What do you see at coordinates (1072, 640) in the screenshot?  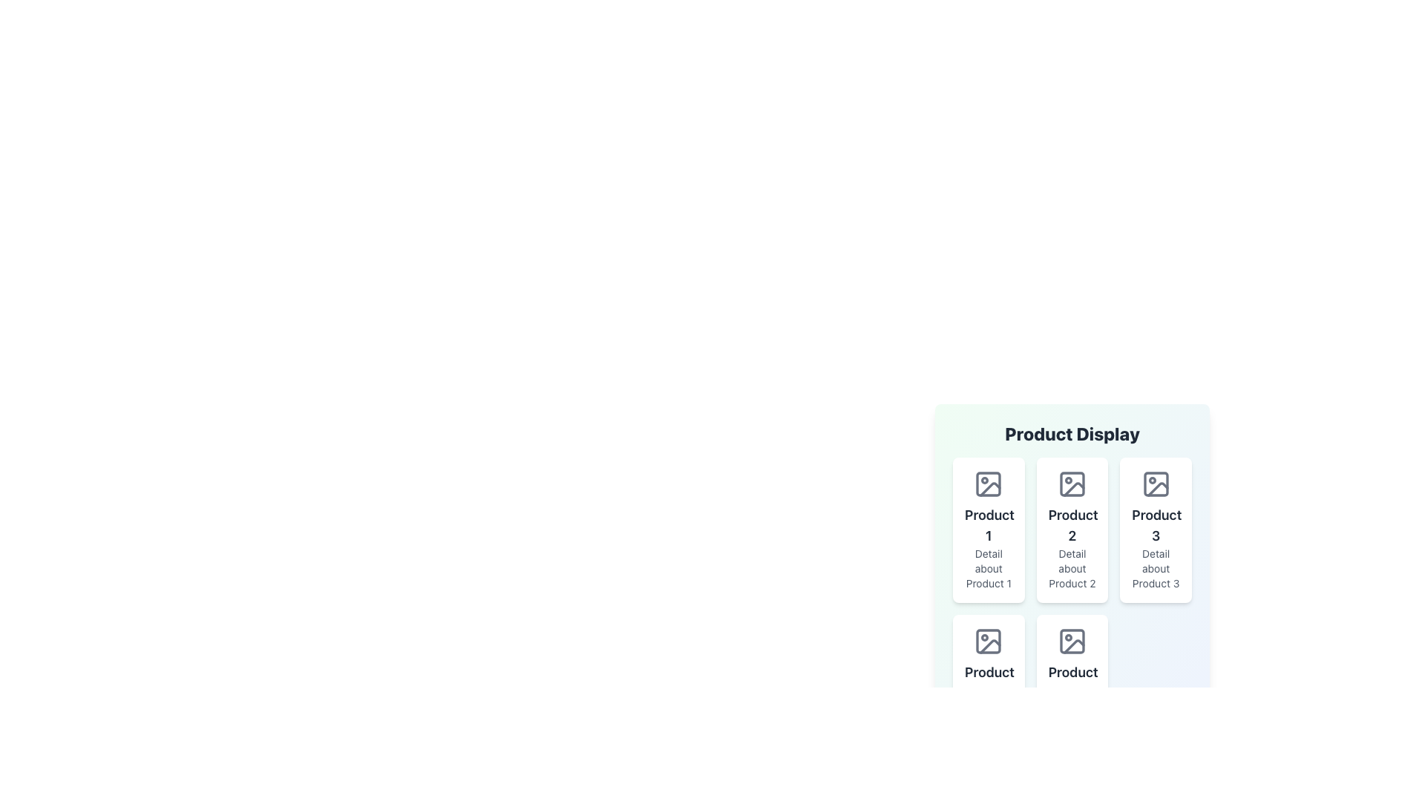 I see `decorative rectangle element that serves as a placeholder for image-related content located under the third row of image icons labeled 'Product 4' using developer tools` at bounding box center [1072, 640].